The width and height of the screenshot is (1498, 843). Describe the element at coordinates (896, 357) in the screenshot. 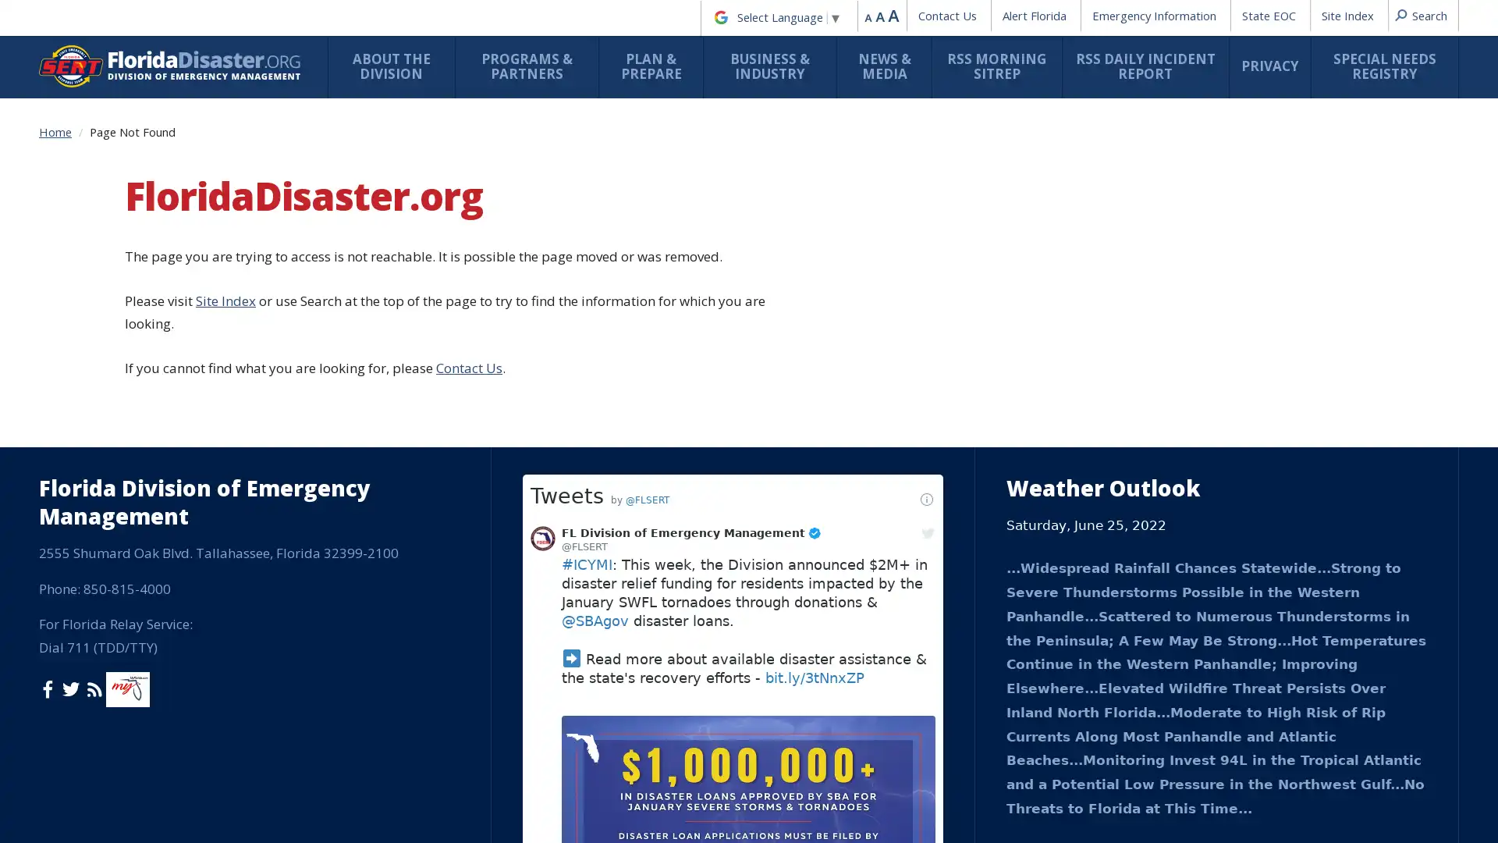

I see `Toggle More` at that location.